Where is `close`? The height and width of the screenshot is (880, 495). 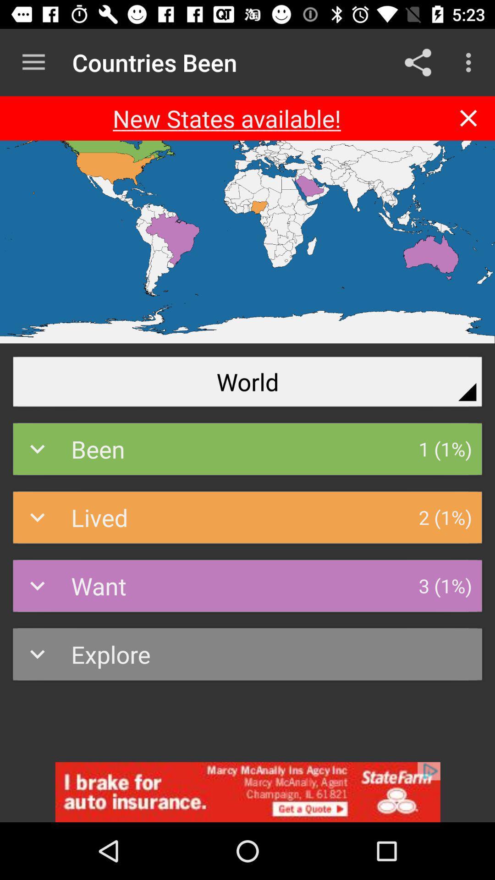
close is located at coordinates (468, 118).